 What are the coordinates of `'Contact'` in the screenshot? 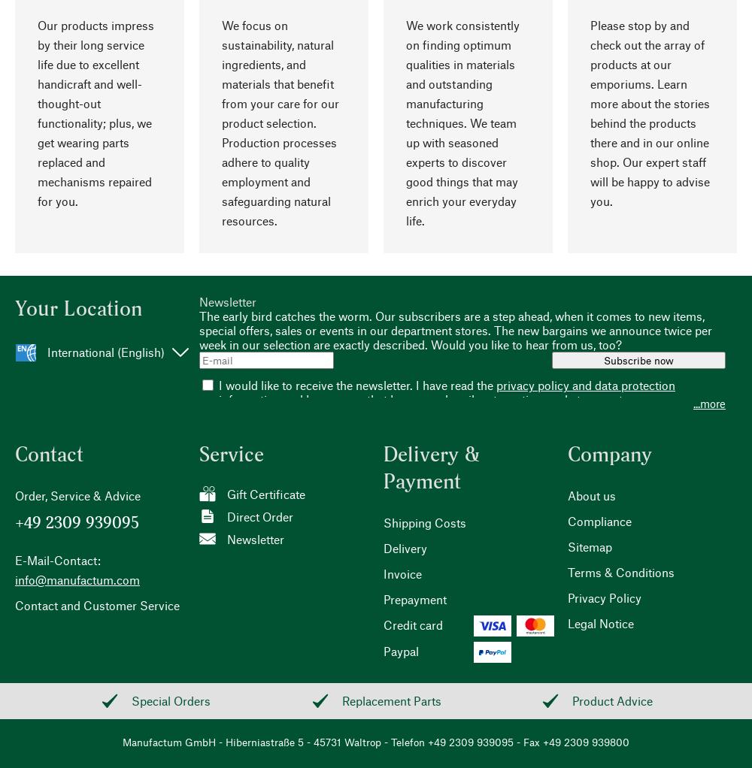 It's located at (48, 453).